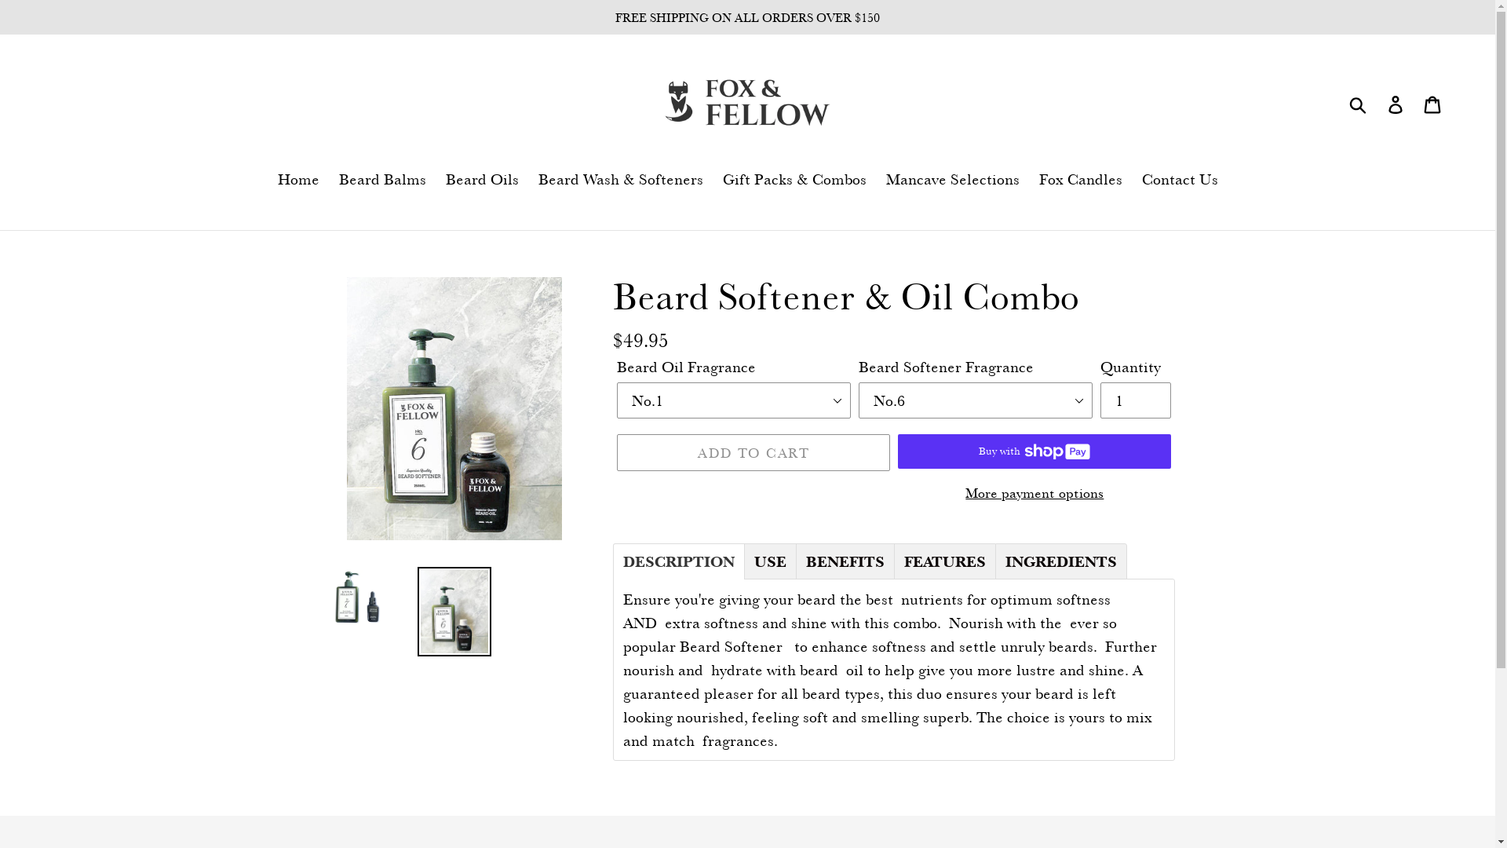 The width and height of the screenshot is (1507, 848). Describe the element at coordinates (753, 452) in the screenshot. I see `'ADD TO CART'` at that location.